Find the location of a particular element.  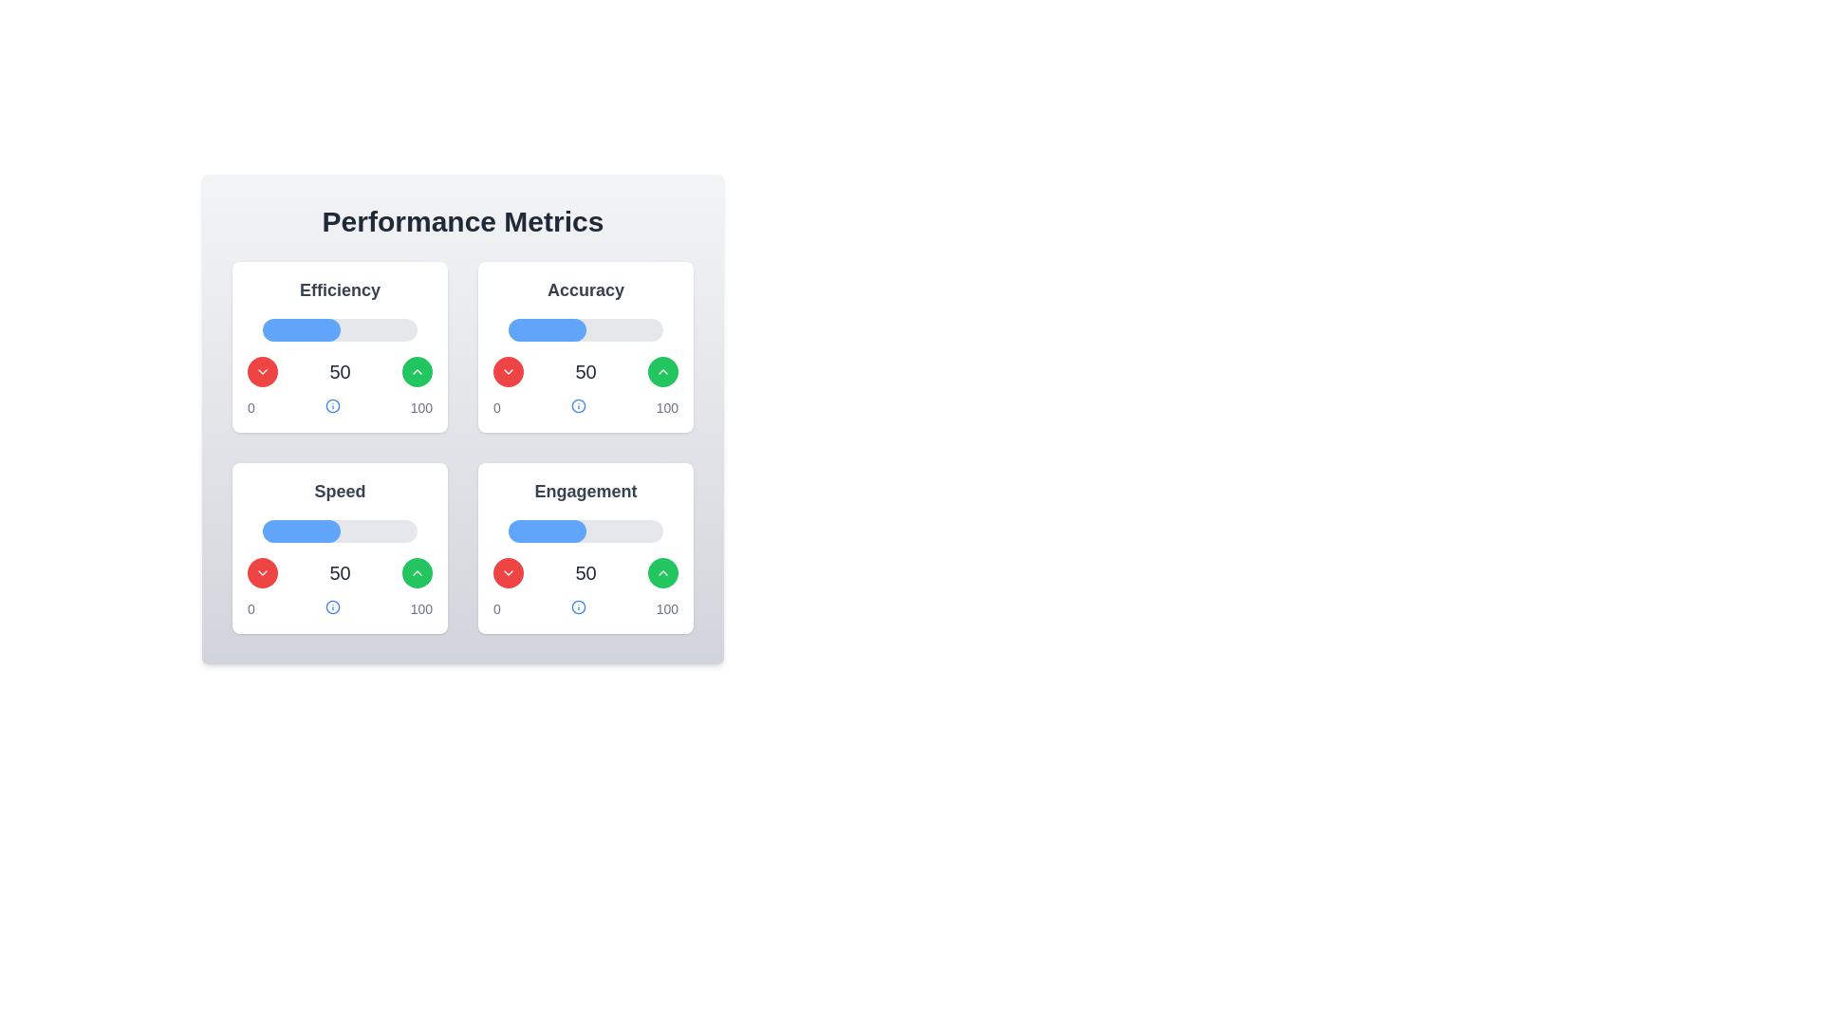

the 'Accuracy' metric card's progress bar located in the top-right position of the grid layout to make adjustments is located at coordinates (585, 347).